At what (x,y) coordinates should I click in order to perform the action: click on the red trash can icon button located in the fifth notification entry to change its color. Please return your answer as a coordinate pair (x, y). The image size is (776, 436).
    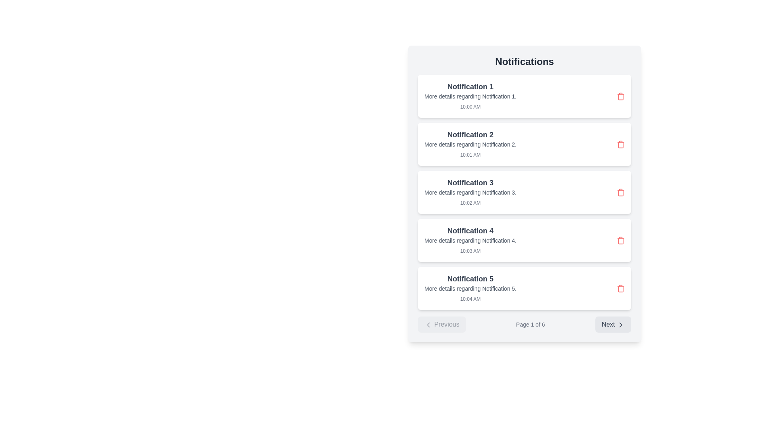
    Looking at the image, I should click on (620, 287).